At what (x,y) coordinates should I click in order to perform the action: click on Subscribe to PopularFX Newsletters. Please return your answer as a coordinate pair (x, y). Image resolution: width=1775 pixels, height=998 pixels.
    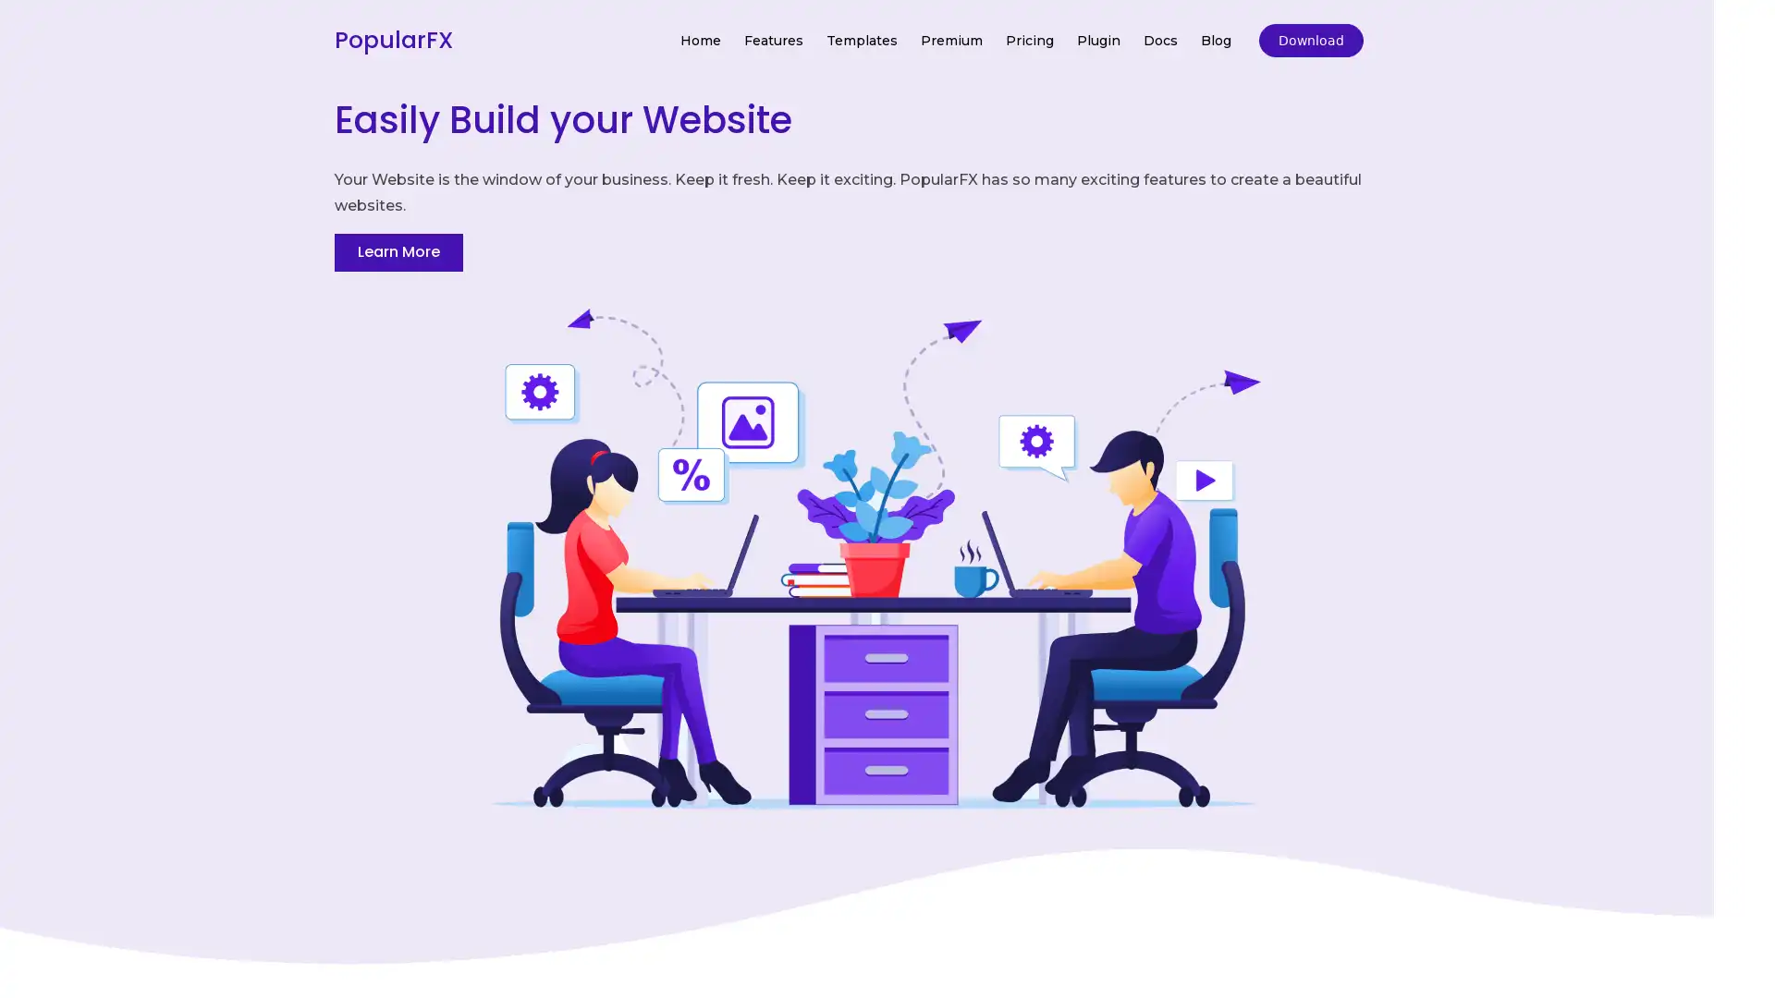
    Looking at the image, I should click on (886, 463).